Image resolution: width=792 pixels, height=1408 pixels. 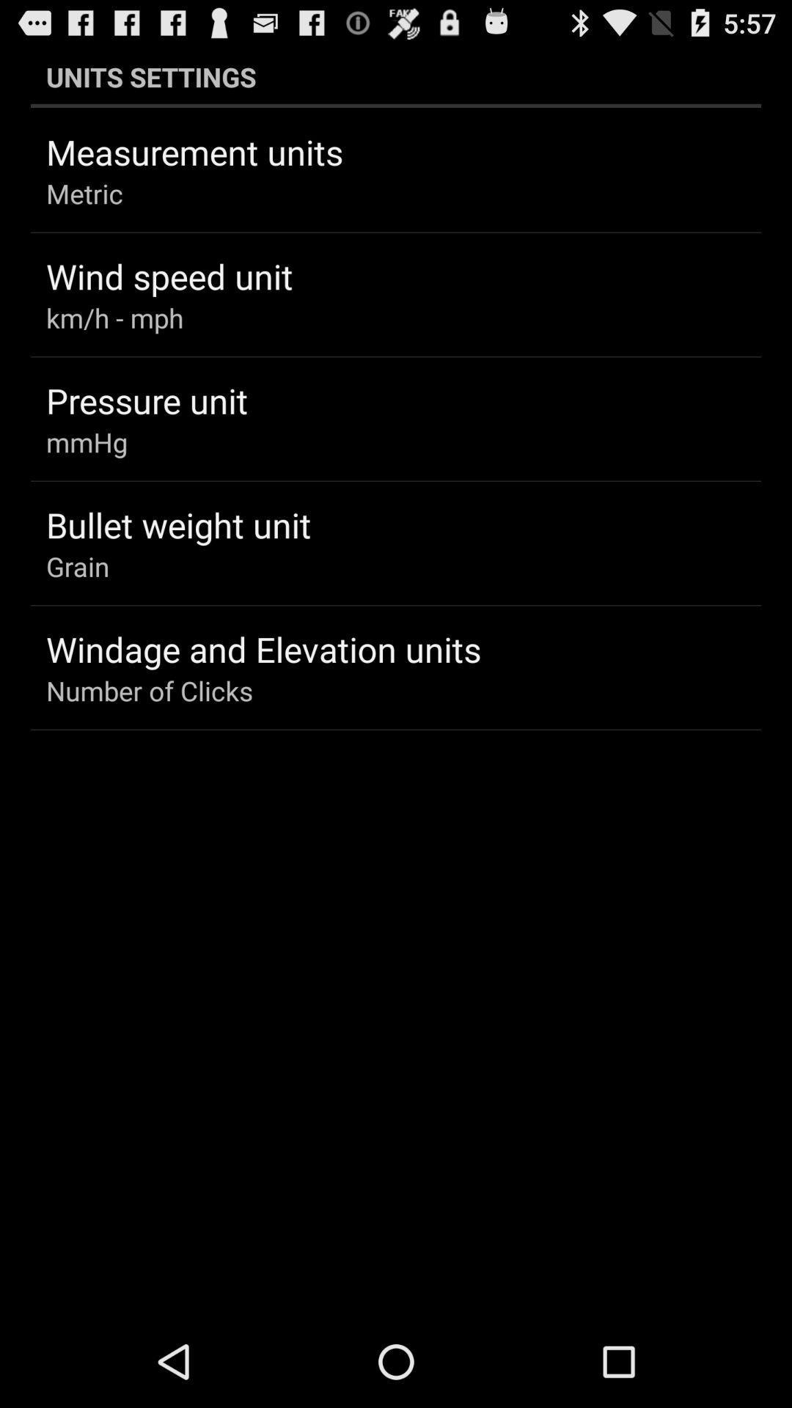 What do you see at coordinates (78, 565) in the screenshot?
I see `item above windage and elevation app` at bounding box center [78, 565].